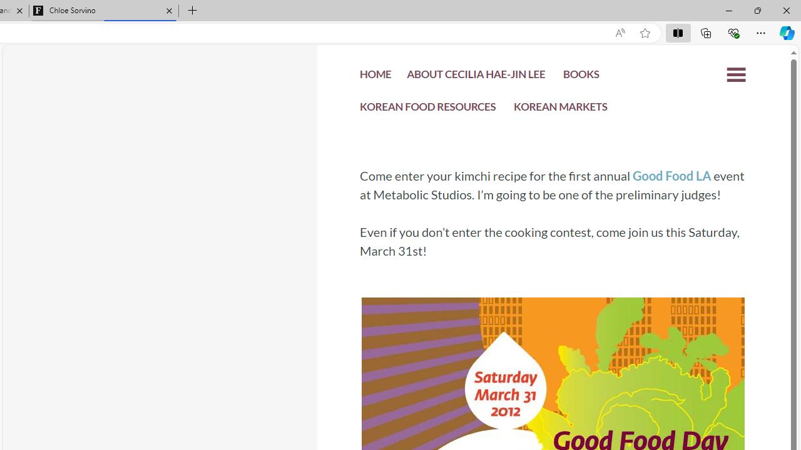 The width and height of the screenshot is (801, 450). I want to click on 'HOME', so click(375, 76).